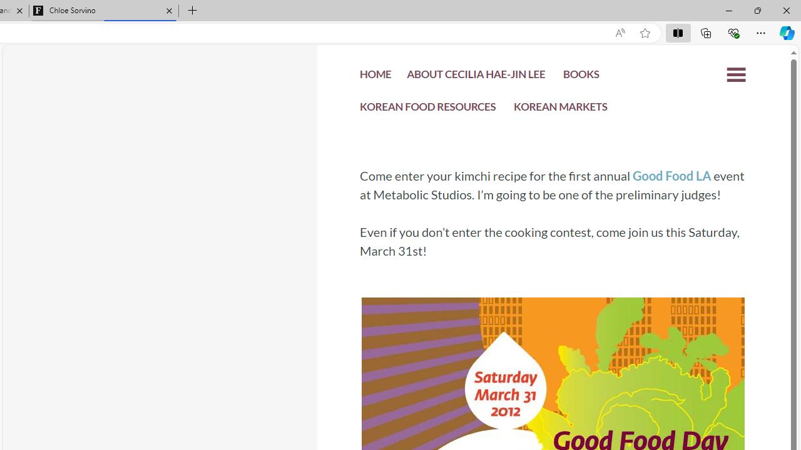 The width and height of the screenshot is (801, 450). I want to click on 'HOME', so click(375, 76).